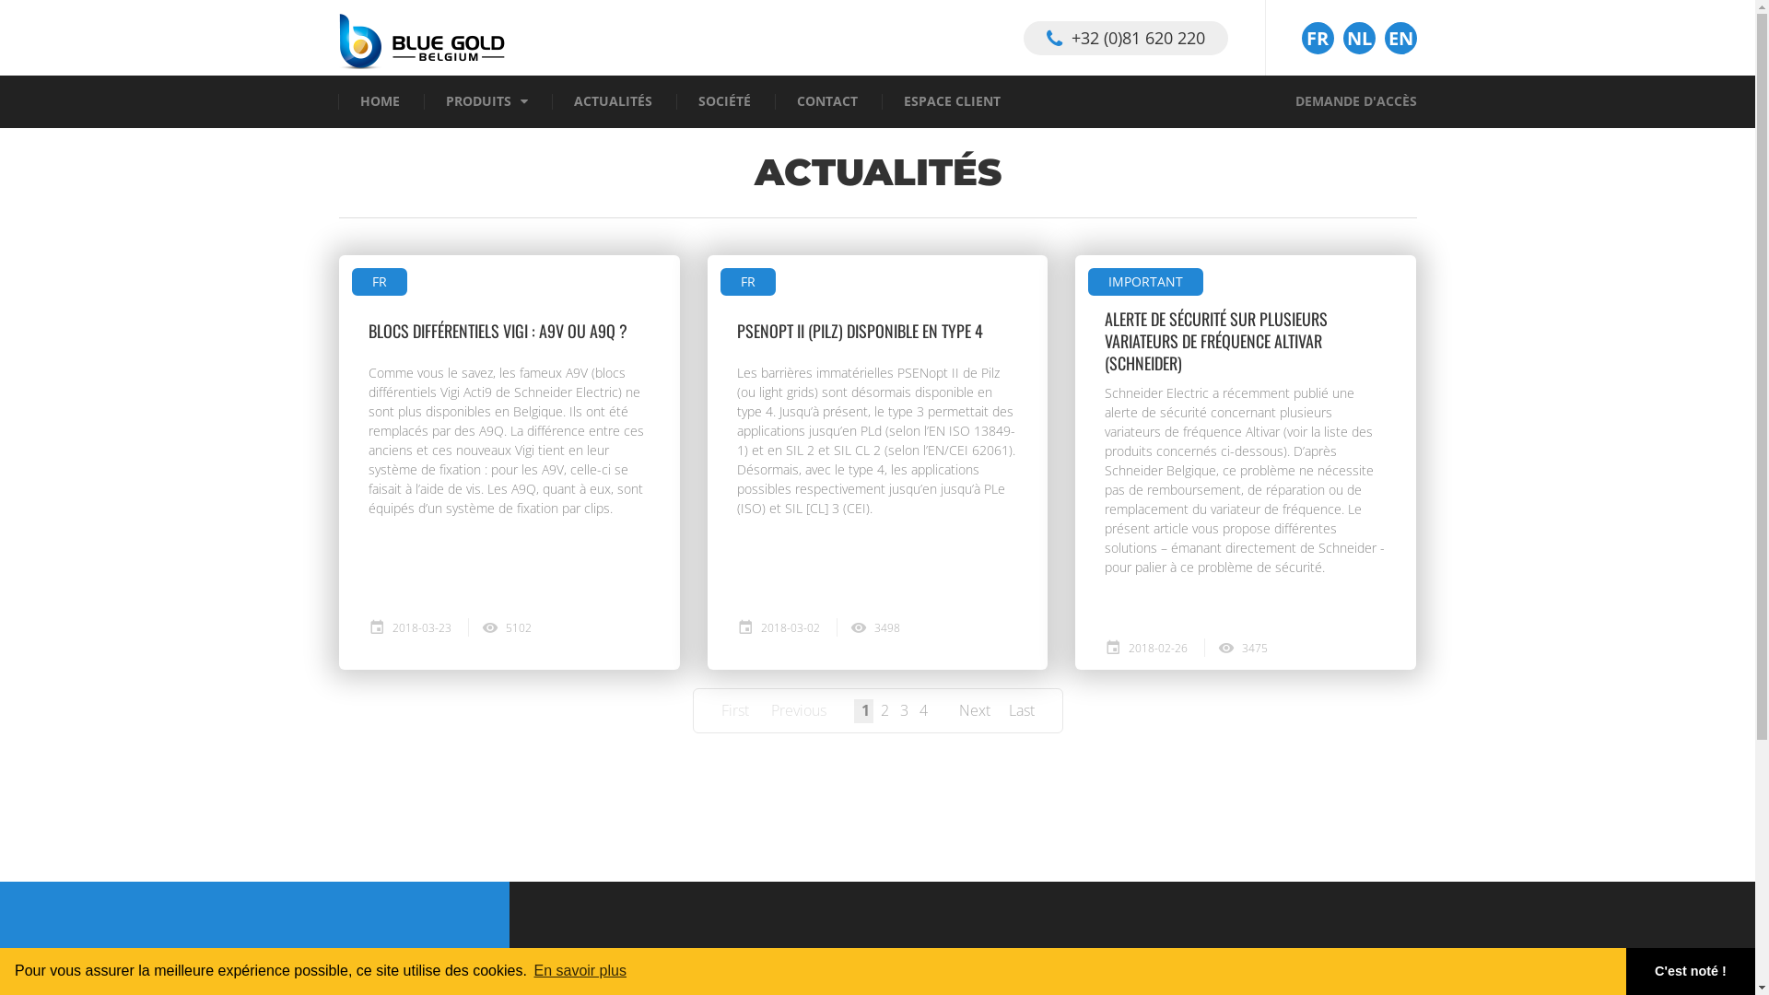 Image resolution: width=1769 pixels, height=995 pixels. Describe the element at coordinates (864, 709) in the screenshot. I see `'1'` at that location.